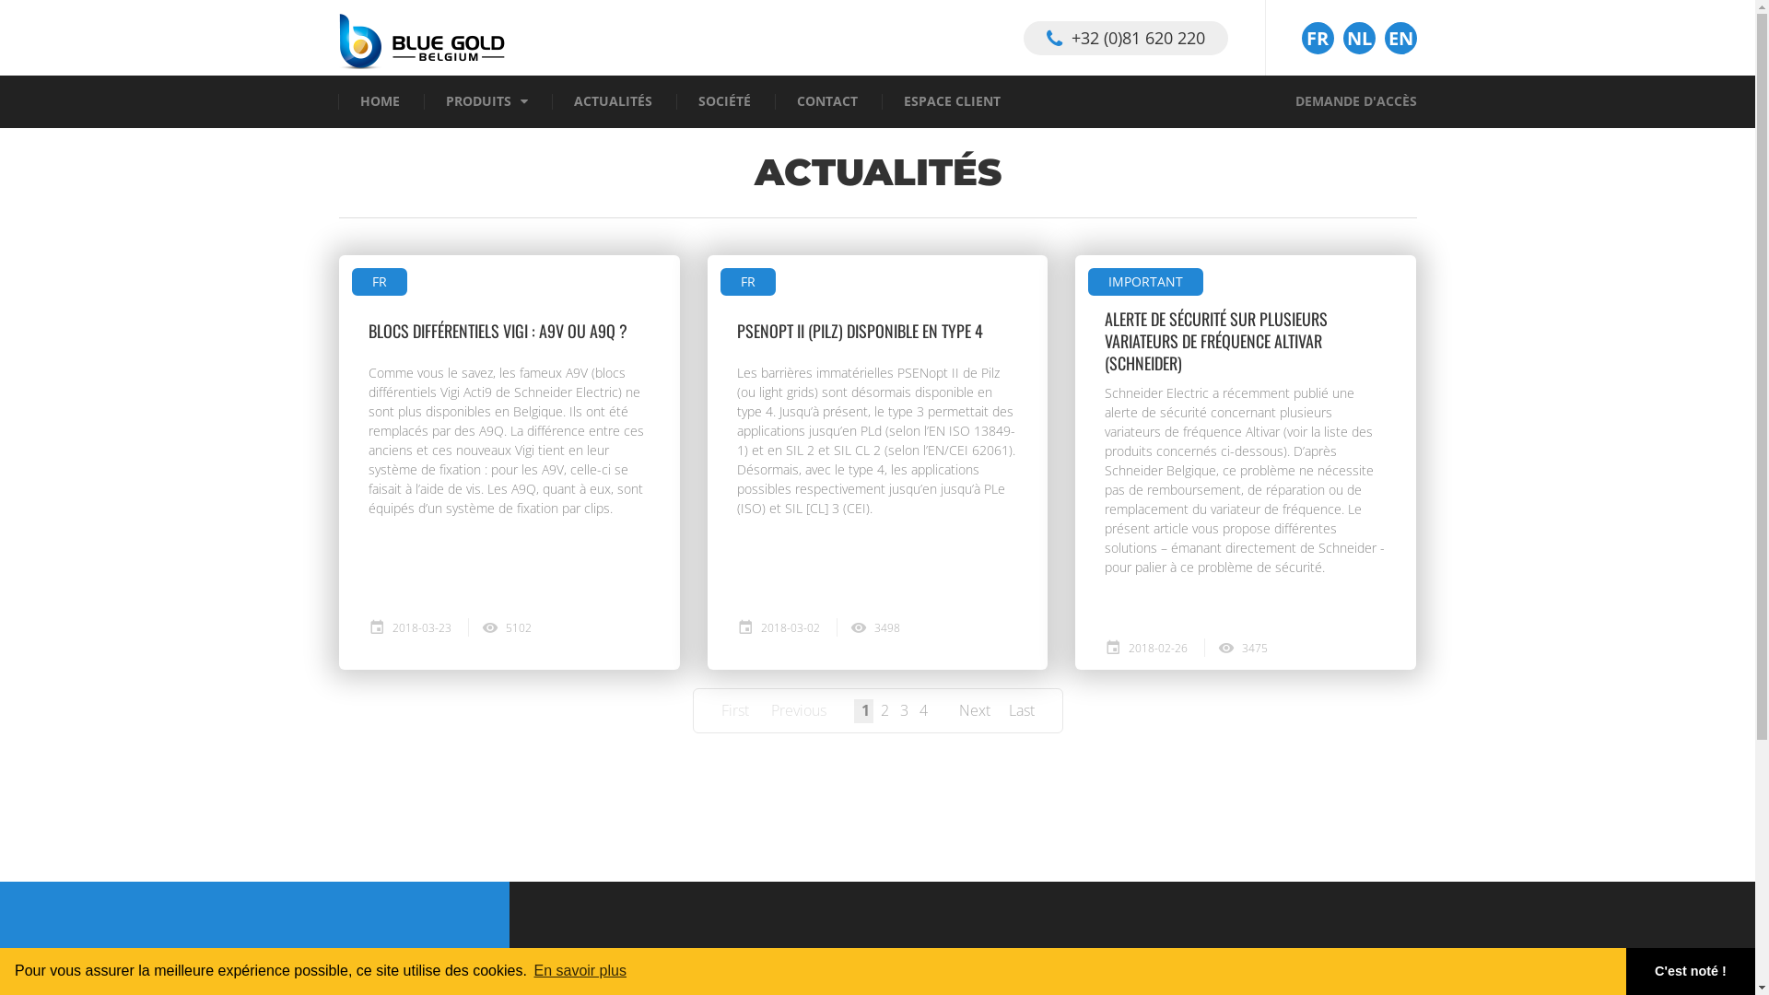 Image resolution: width=1769 pixels, height=995 pixels. Describe the element at coordinates (864, 709) in the screenshot. I see `'1'` at that location.